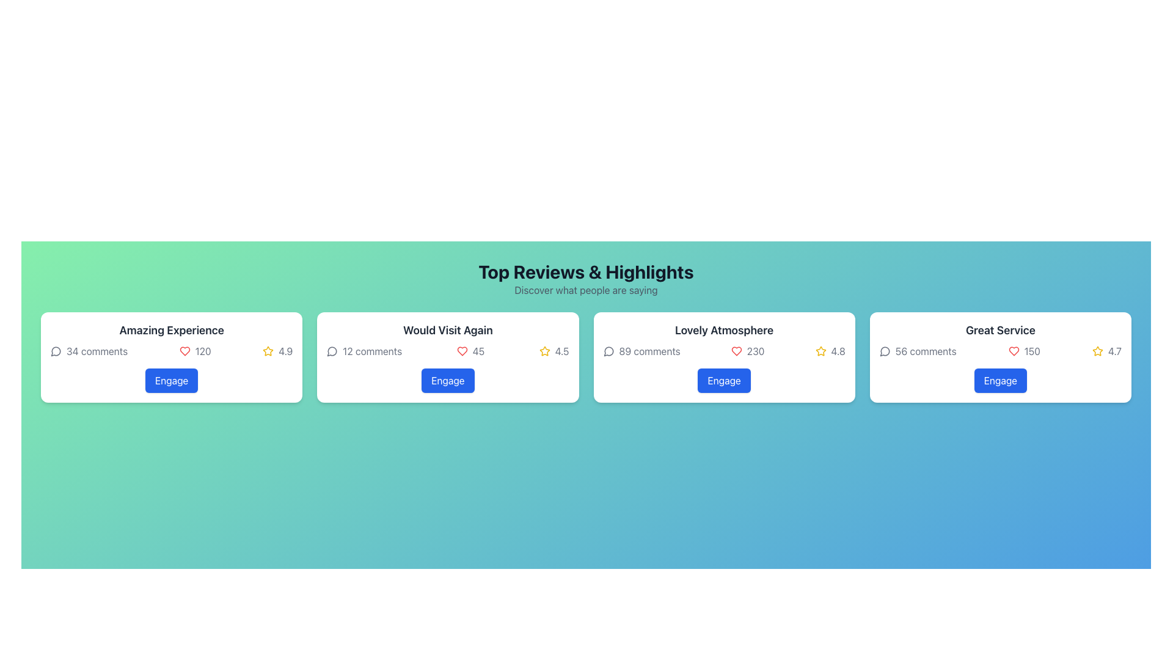 The width and height of the screenshot is (1173, 660). Describe the element at coordinates (830, 351) in the screenshot. I see `rating value of '4.8' displayed in the bottom-right corner of the 'Lovely Atmosphere' card, which is located to the right of the '230' likes text and icon` at that location.